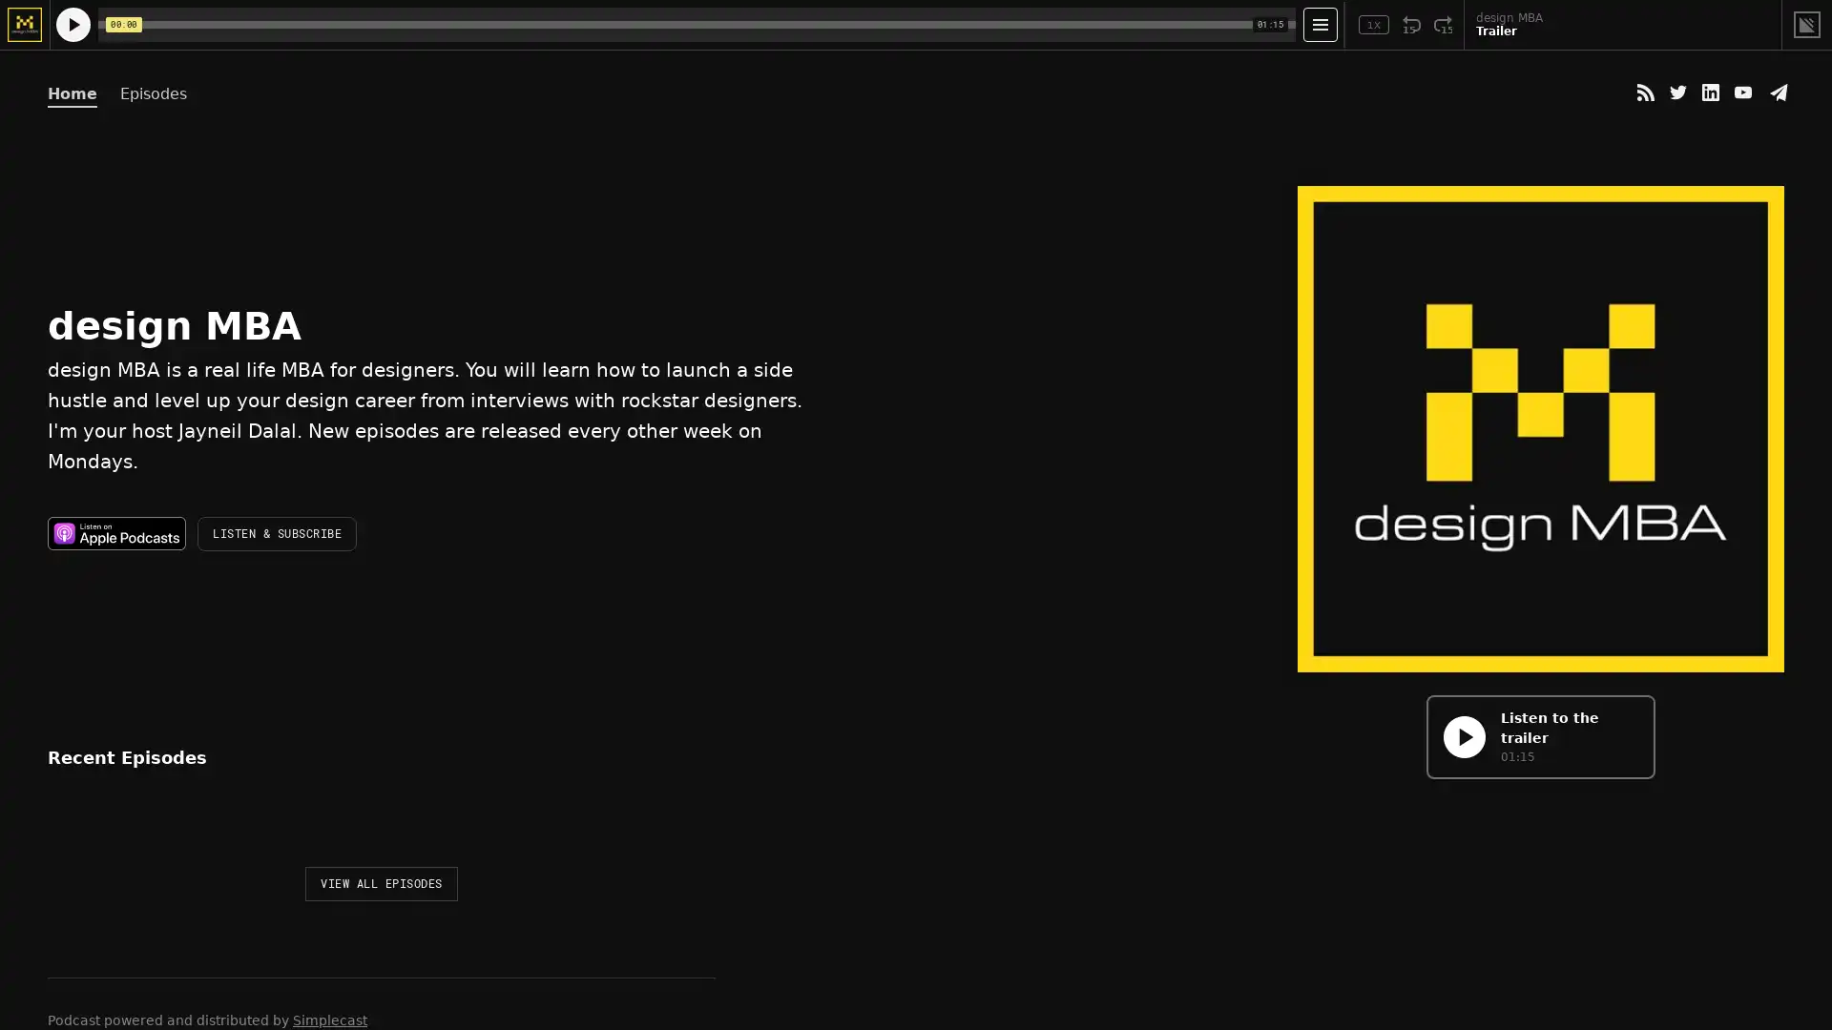 The image size is (1832, 1030). I want to click on Toggle Speed: Current Speed 1x, so click(1374, 25).